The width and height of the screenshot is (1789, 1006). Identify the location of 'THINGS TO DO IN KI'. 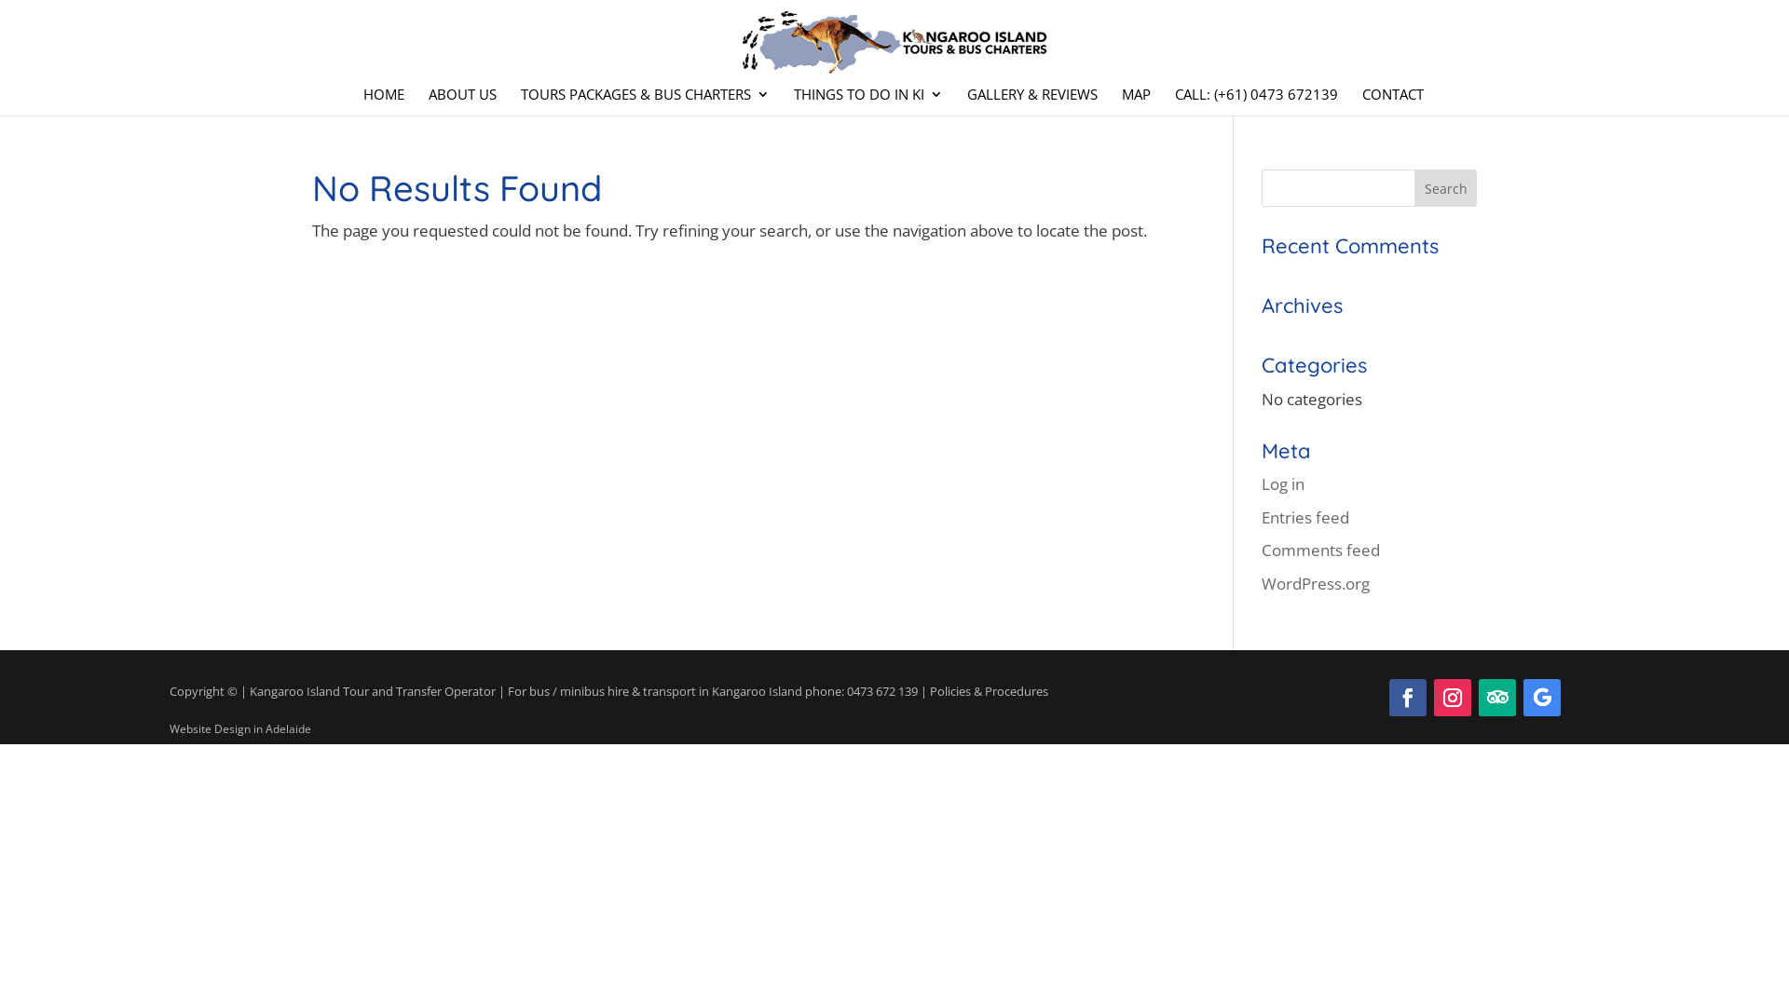
(867, 101).